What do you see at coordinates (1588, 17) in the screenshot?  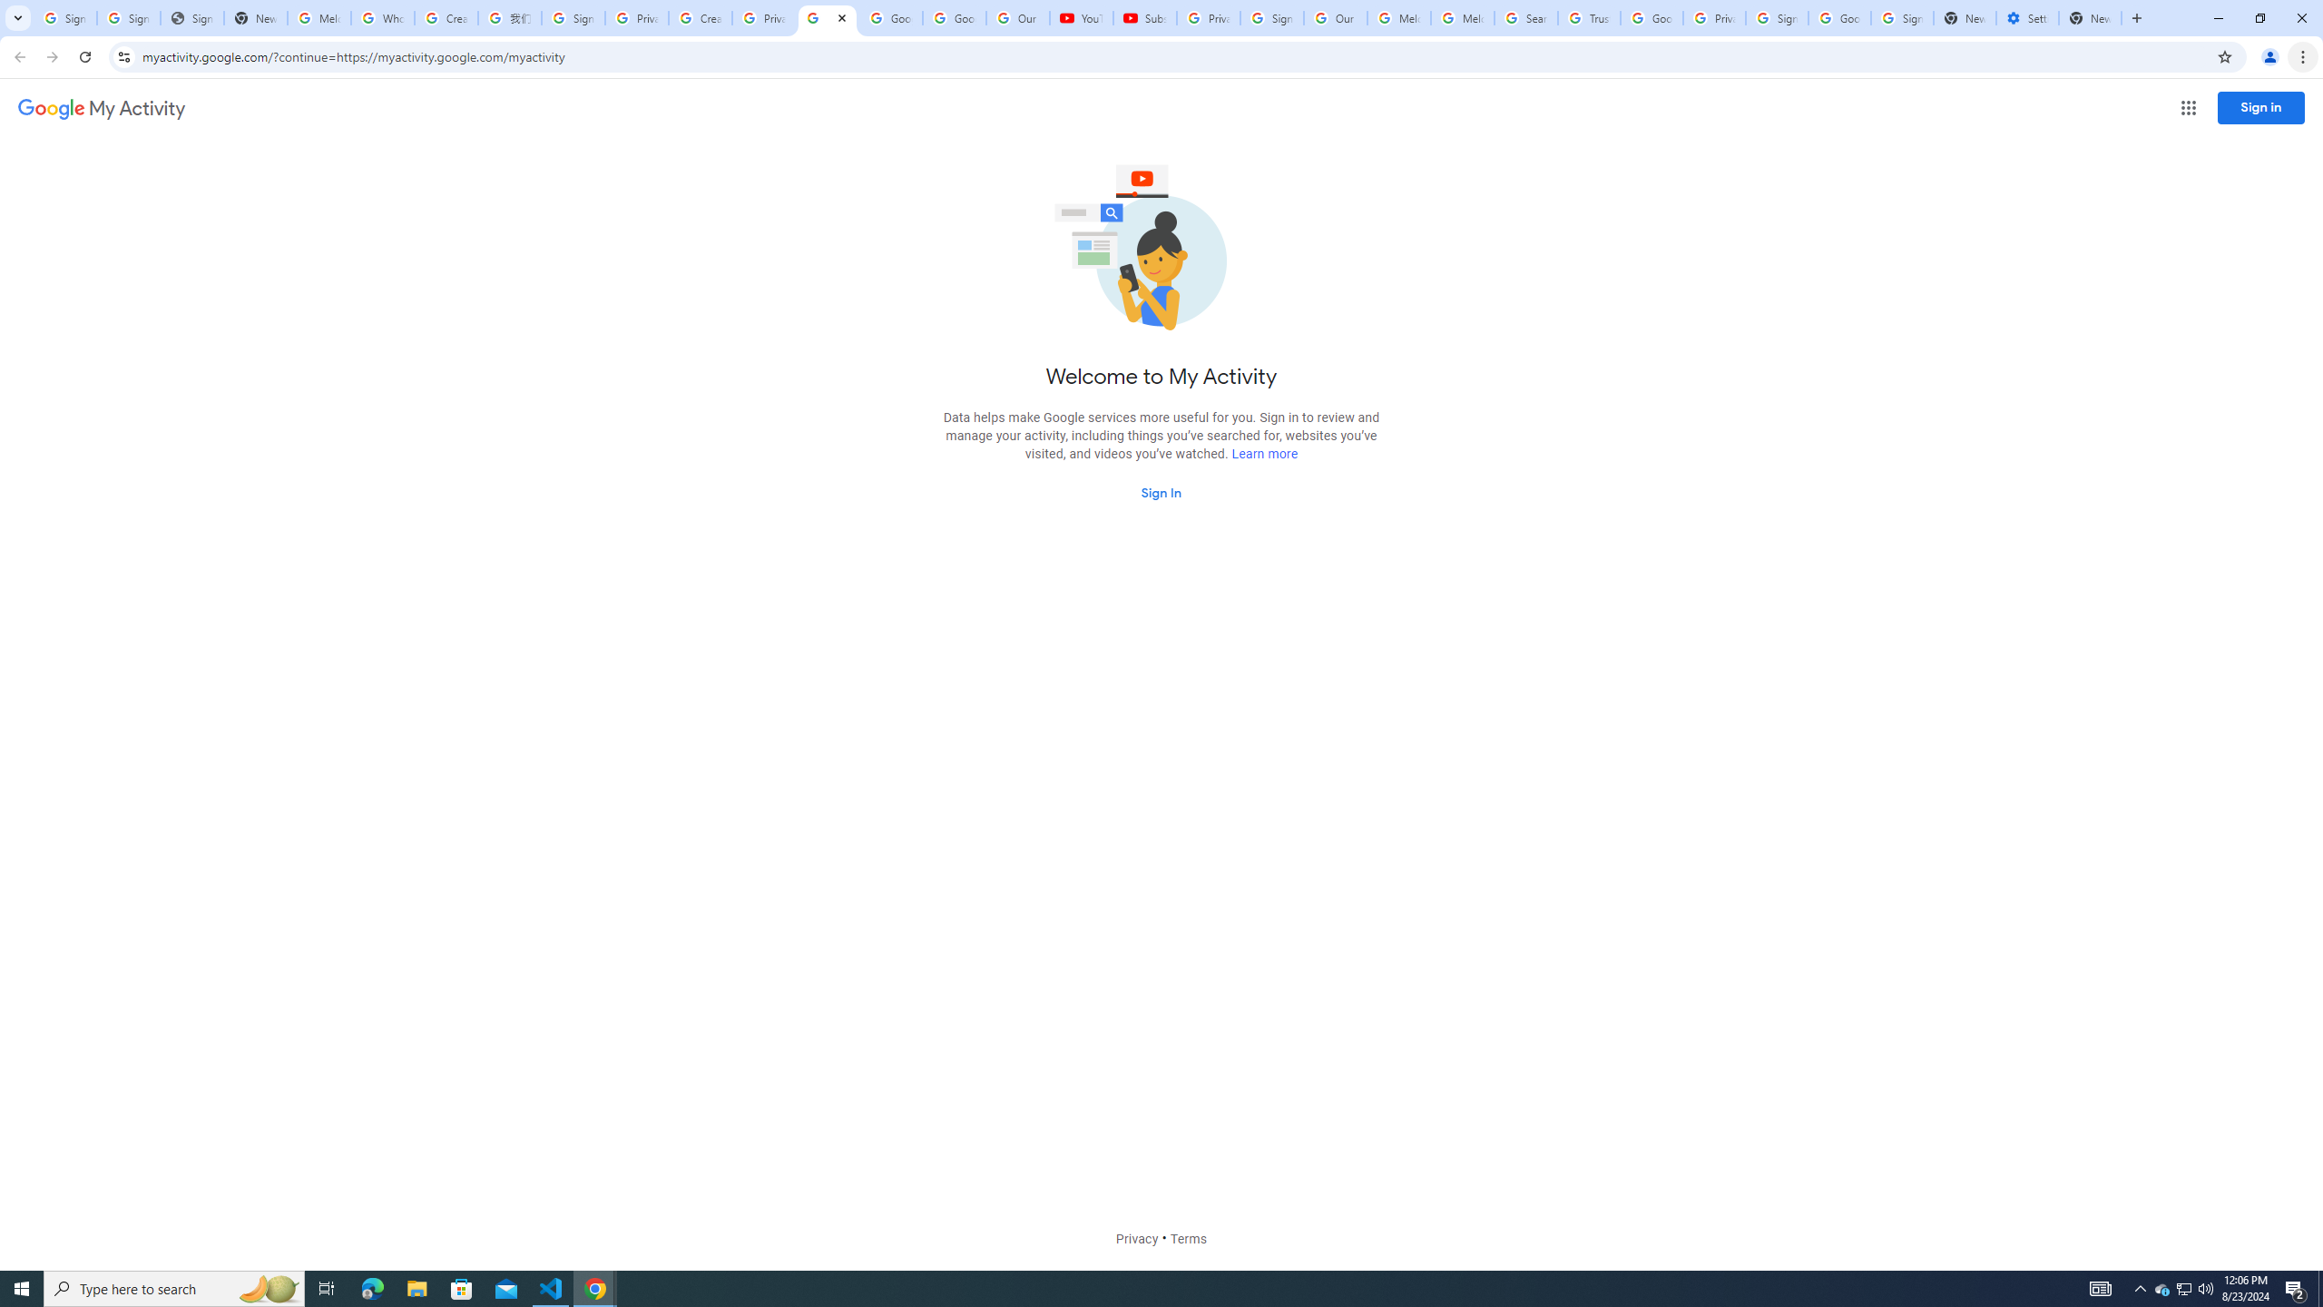 I see `'Trusted Information and Content - Google Safety Center'` at bounding box center [1588, 17].